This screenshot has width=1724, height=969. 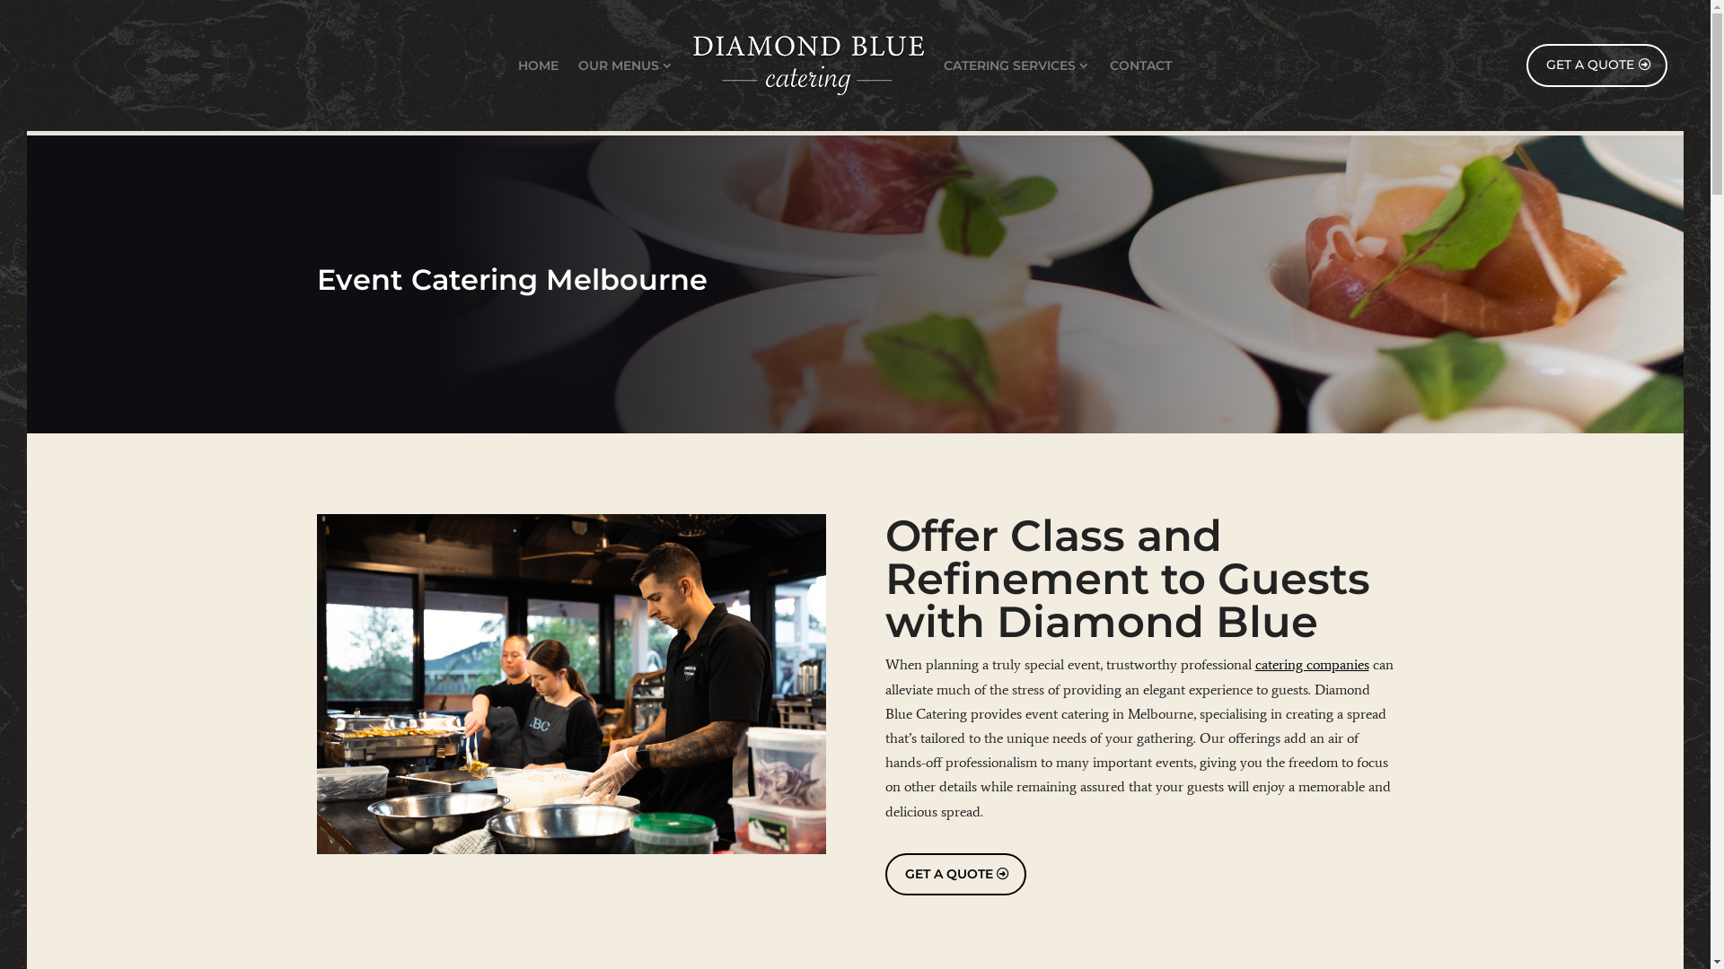 What do you see at coordinates (1016, 65) in the screenshot?
I see `'CATERING SERVICES'` at bounding box center [1016, 65].